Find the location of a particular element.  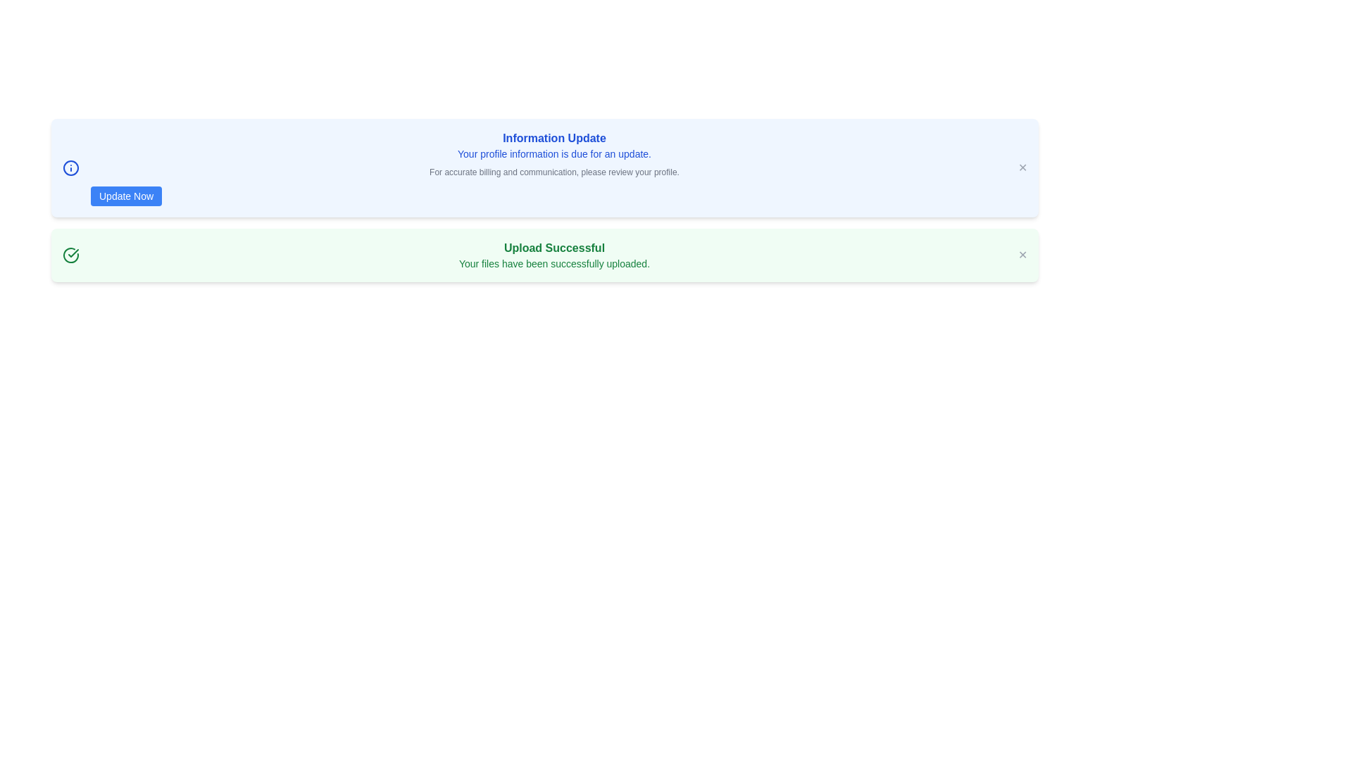

text of the informational element that confirms the successful completion of a file upload operation, located centrally below the 'Upload Successful' heading is located at coordinates (553, 263).